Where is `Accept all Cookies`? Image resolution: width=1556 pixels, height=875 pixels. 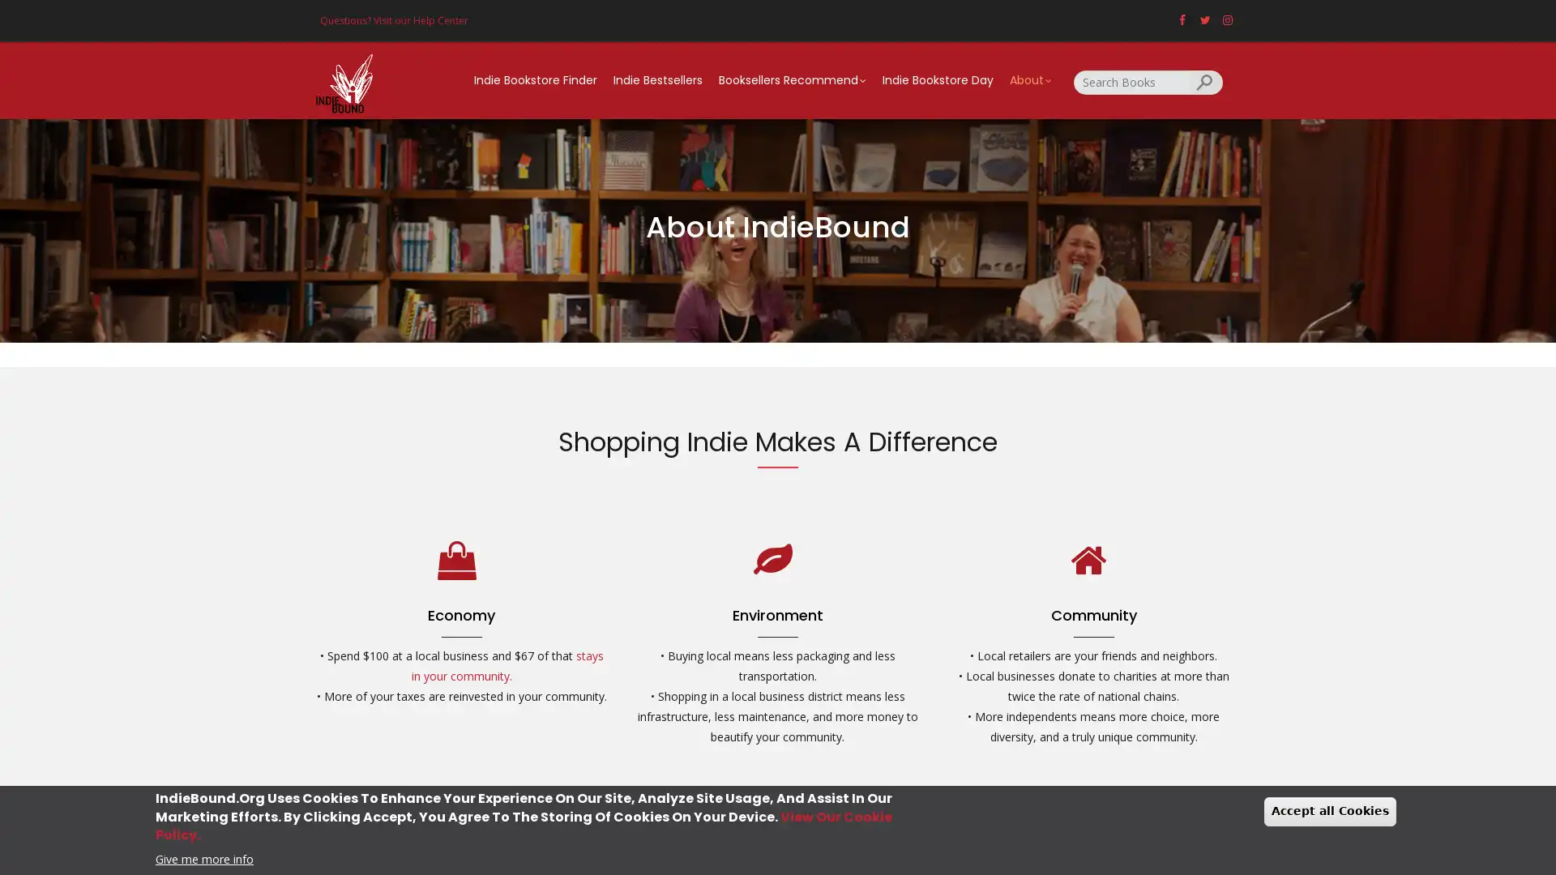
Accept all Cookies is located at coordinates (1330, 811).